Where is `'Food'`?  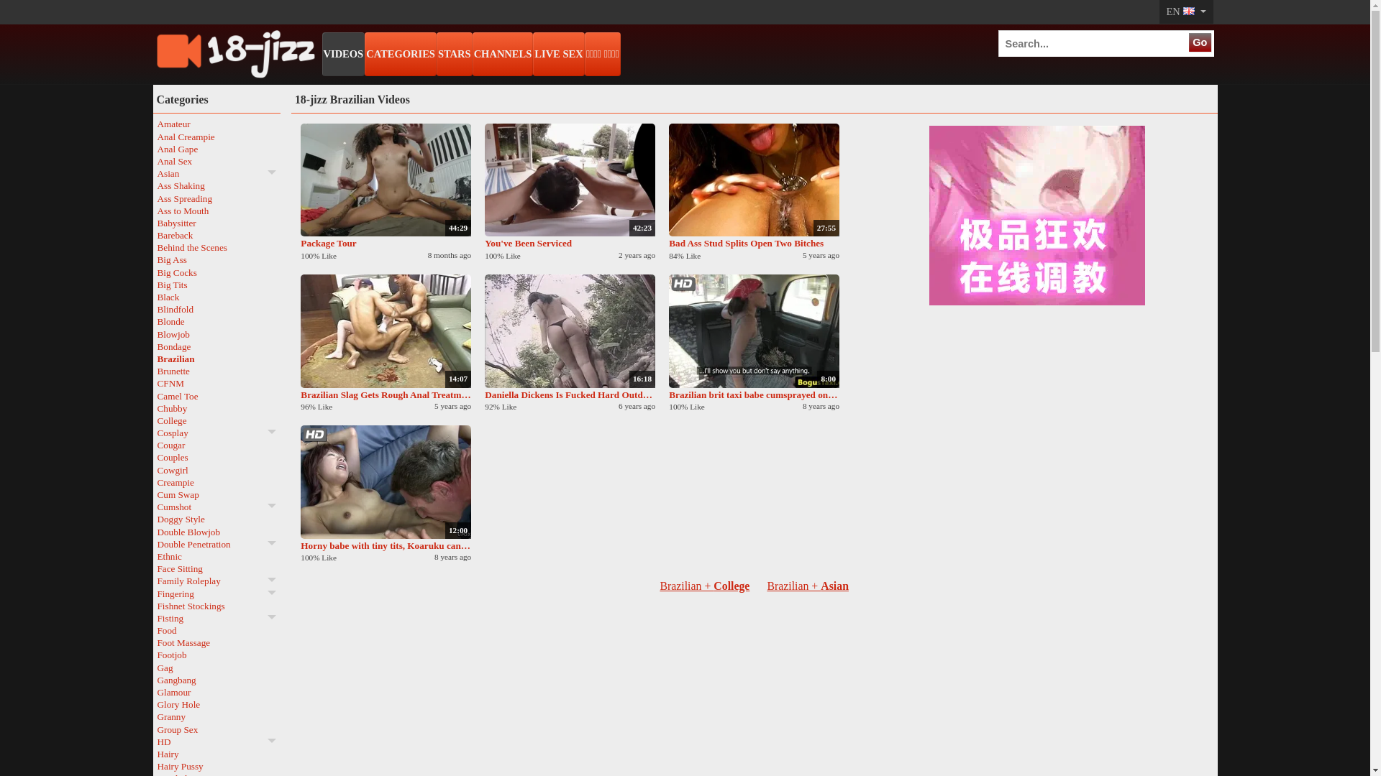
'Food' is located at coordinates (216, 629).